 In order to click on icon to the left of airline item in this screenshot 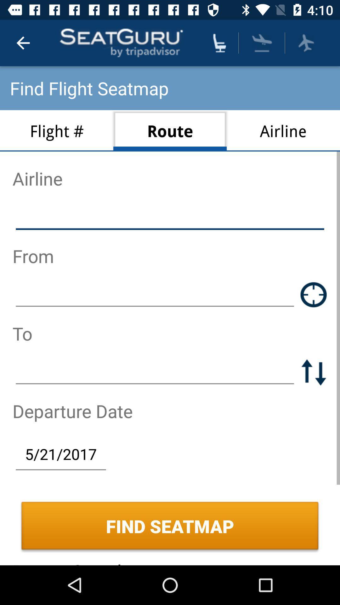, I will do `click(170, 130)`.